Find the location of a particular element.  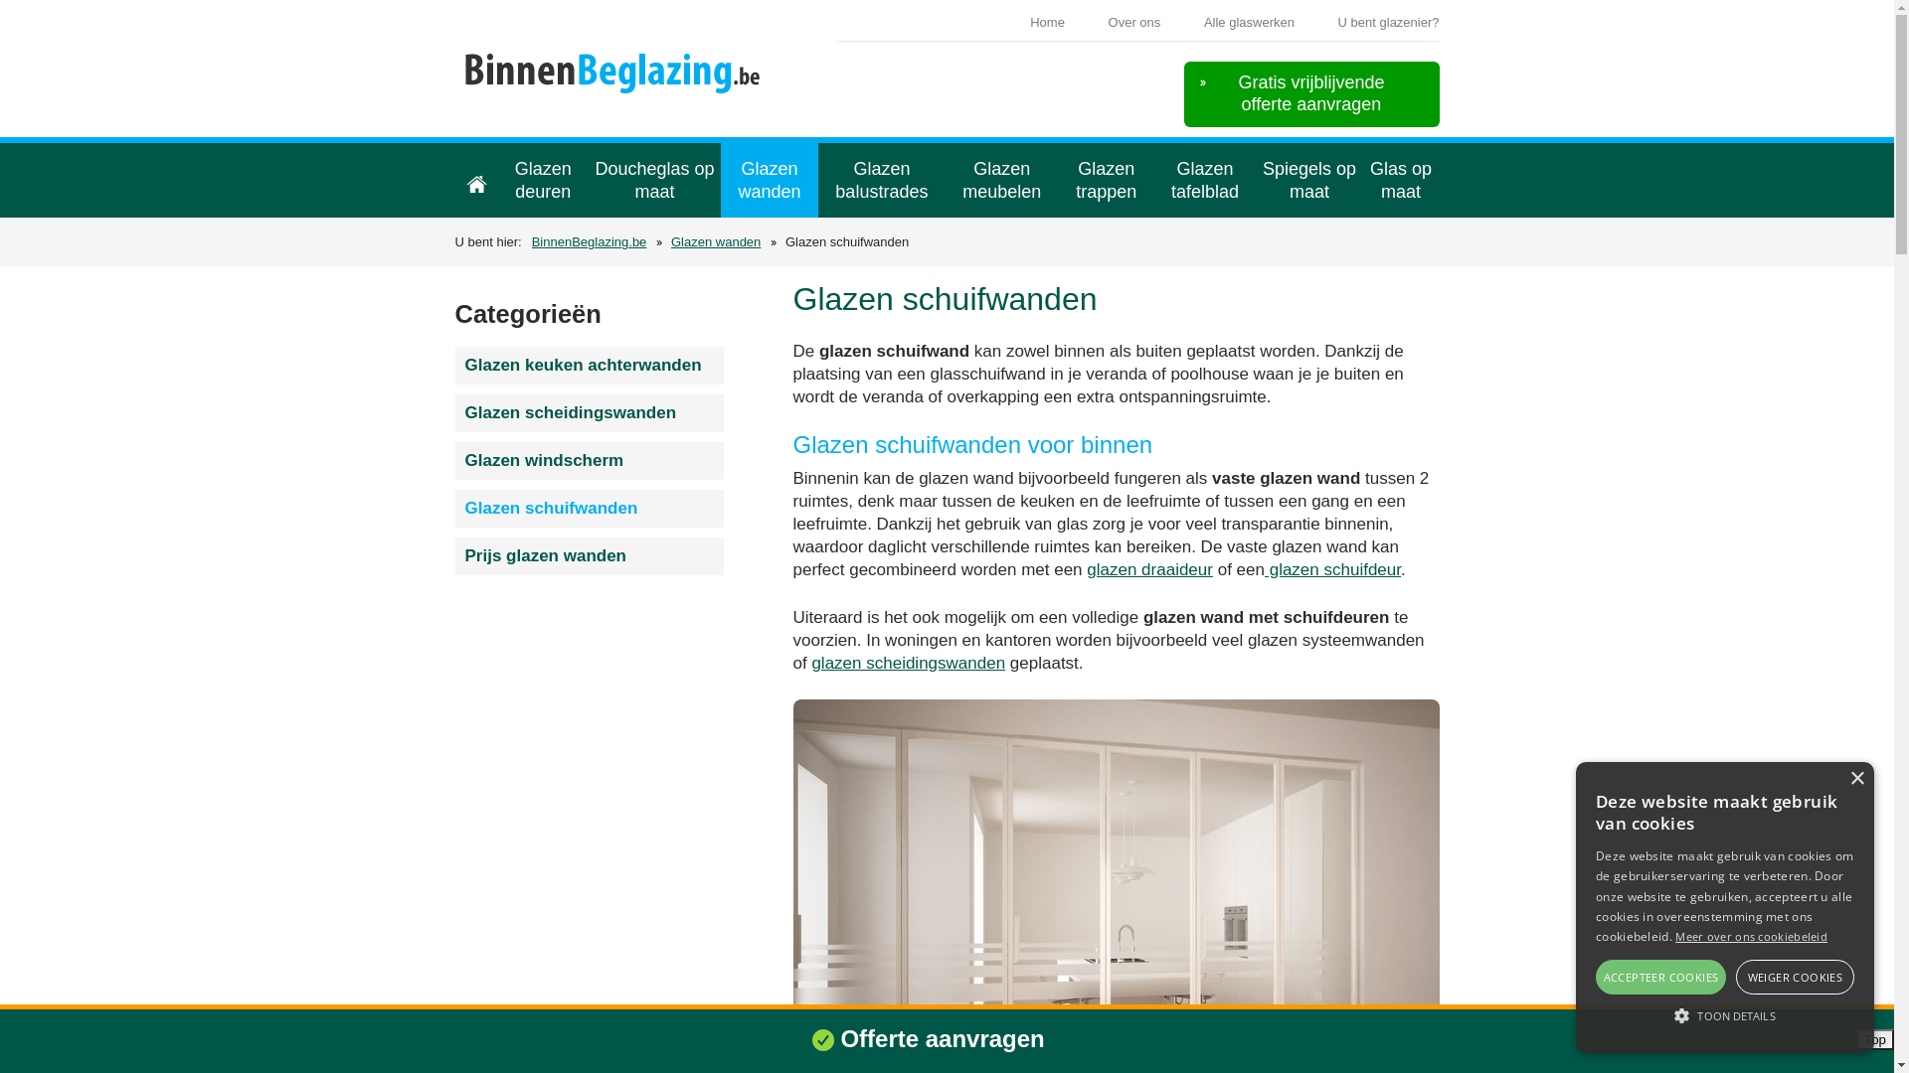

'Meer over ons cookiebeleid' is located at coordinates (1673, 936).